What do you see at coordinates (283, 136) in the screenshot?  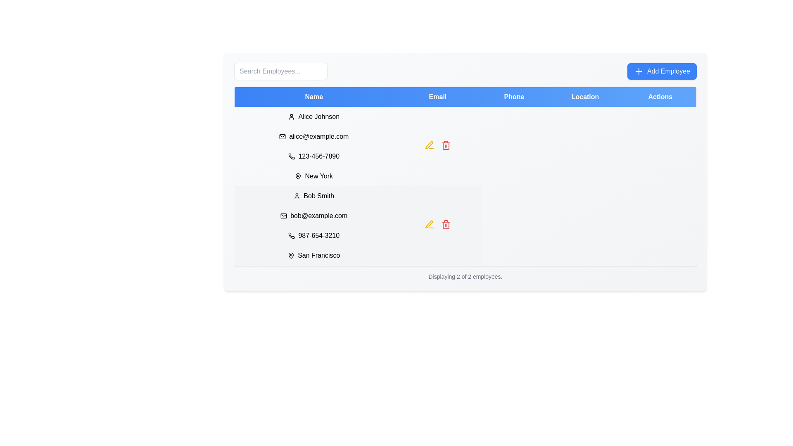 I see `the rectangular icon inside the mail envelope icon, located near 'alice@example.com' in the first data row to trigger tooltip or highlight effects` at bounding box center [283, 136].